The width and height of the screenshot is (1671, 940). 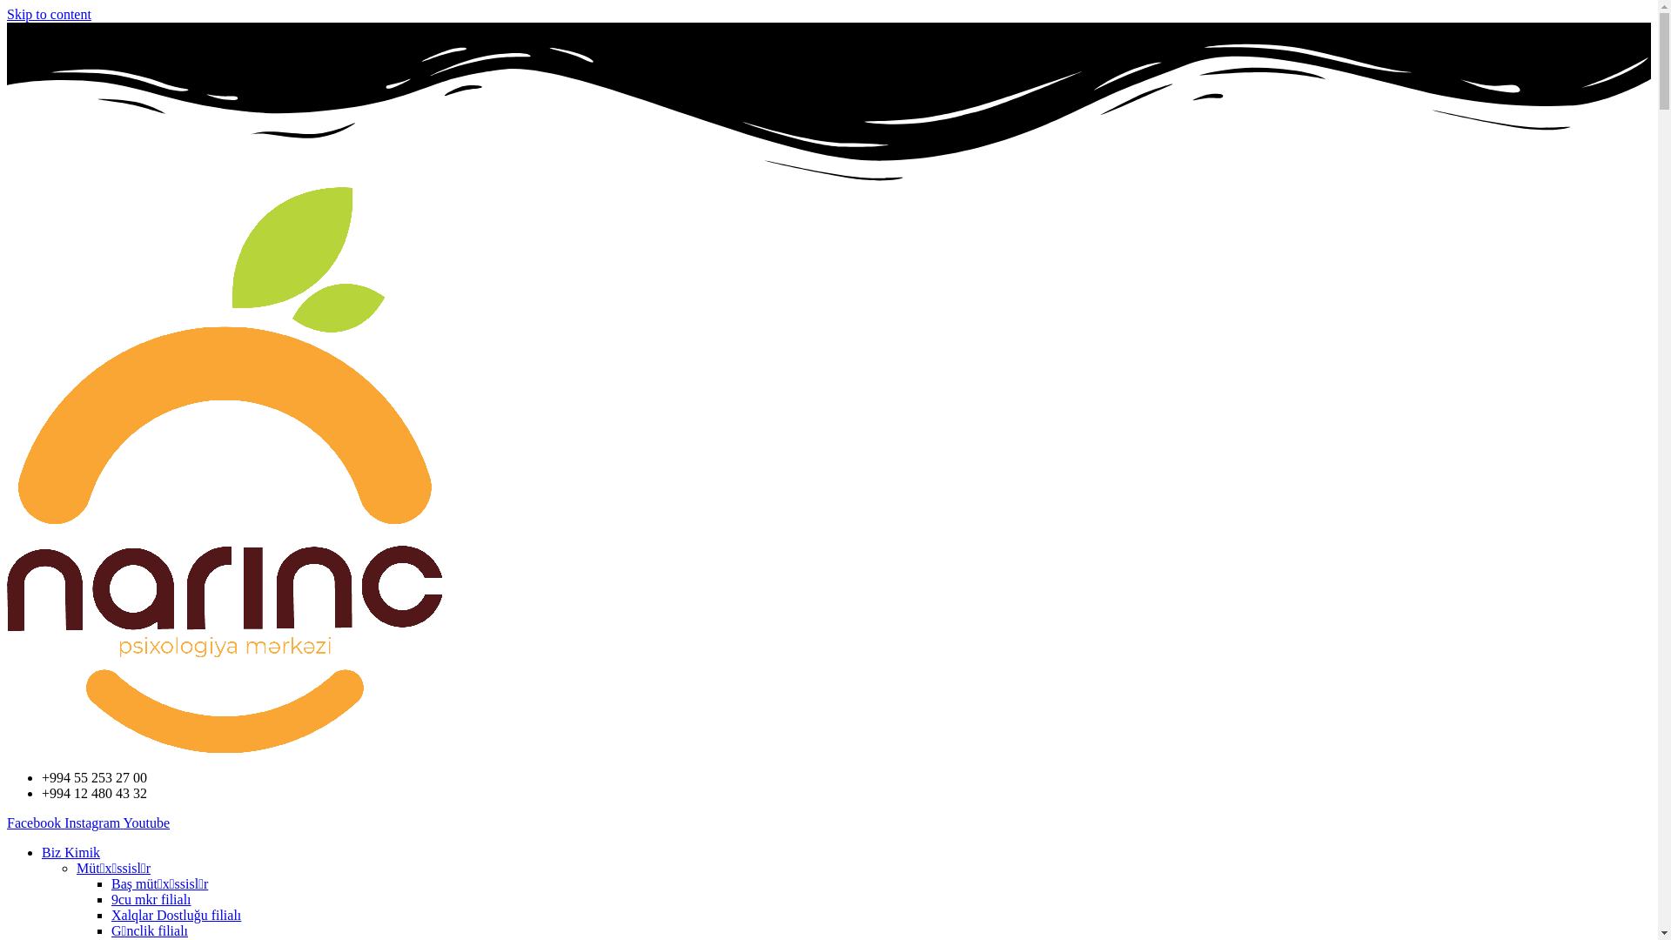 What do you see at coordinates (42, 851) in the screenshot?
I see `'Biz Kimik'` at bounding box center [42, 851].